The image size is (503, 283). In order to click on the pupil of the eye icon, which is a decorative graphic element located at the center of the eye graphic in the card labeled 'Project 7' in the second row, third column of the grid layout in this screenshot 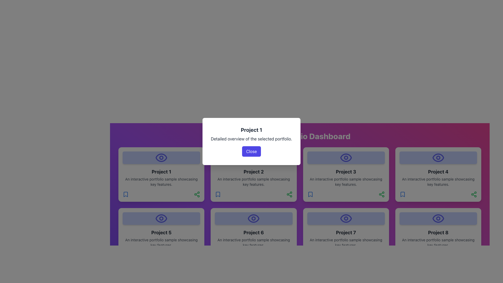, I will do `click(346, 218)`.